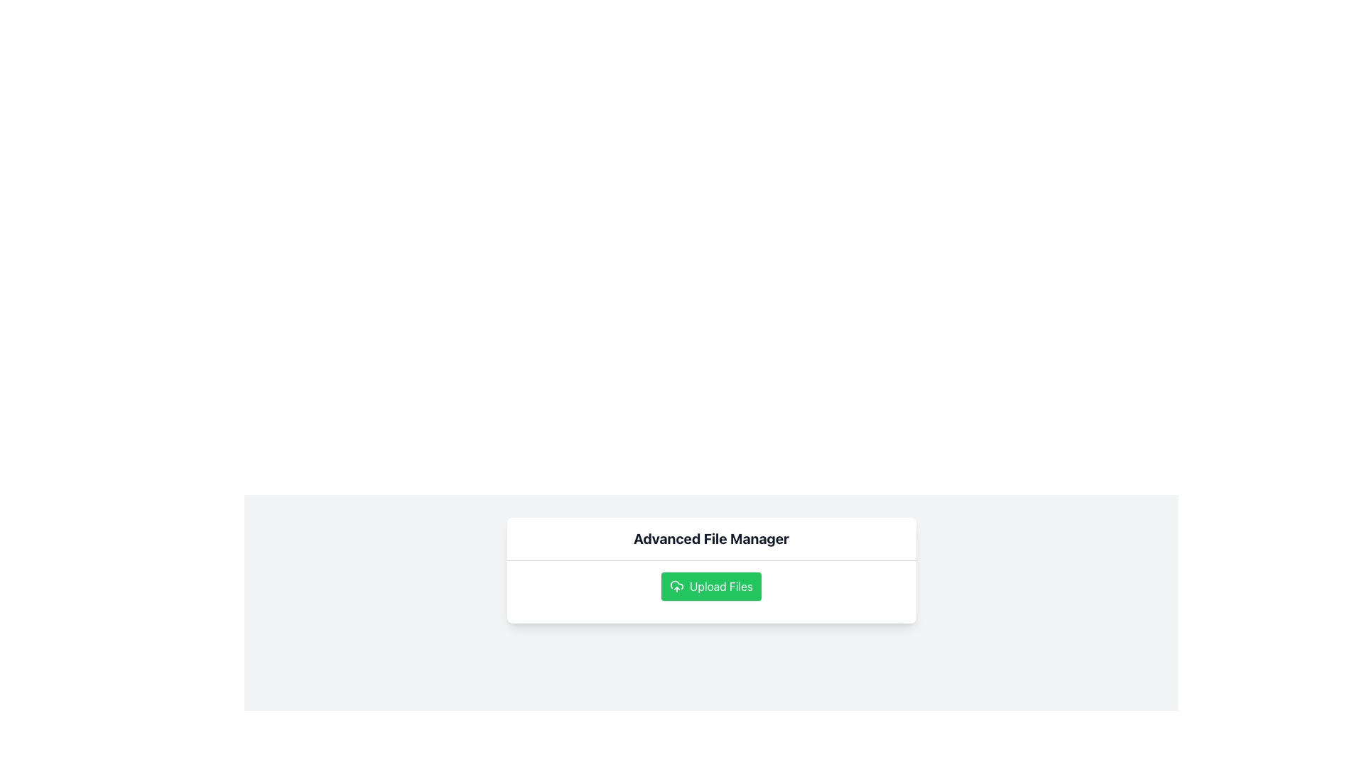 The width and height of the screenshot is (1364, 767). I want to click on the Text Label that serves as a title or header for the section introducing the 'Upload Files' button, located near the center of the rectangular card at the bottom center of the interface, so click(711, 539).